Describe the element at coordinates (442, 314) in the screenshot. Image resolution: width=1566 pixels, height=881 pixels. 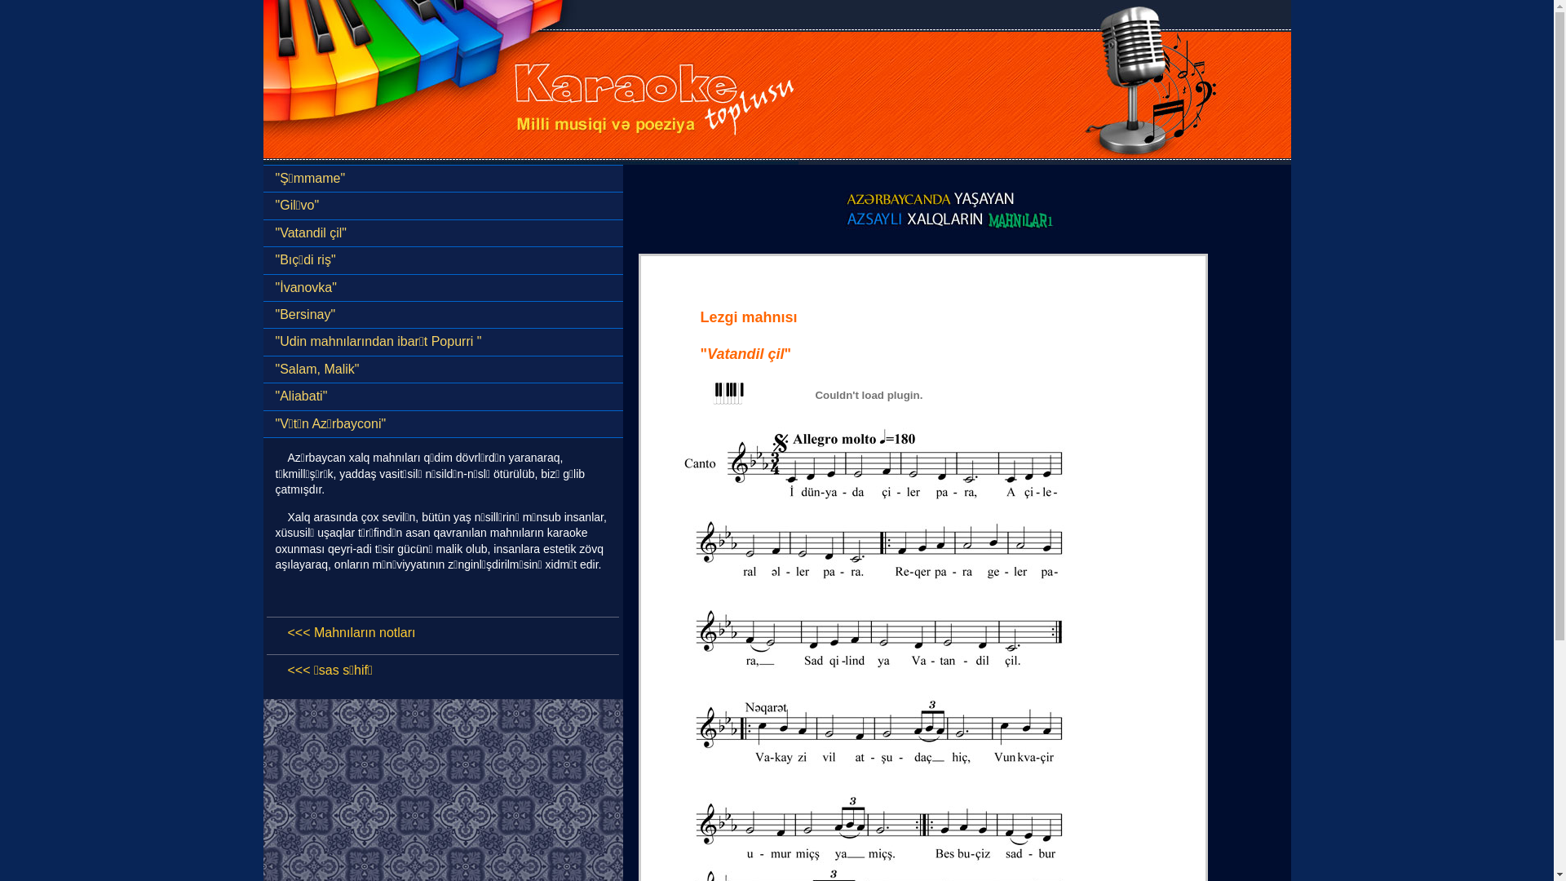
I see `'"Bersinay"'` at that location.